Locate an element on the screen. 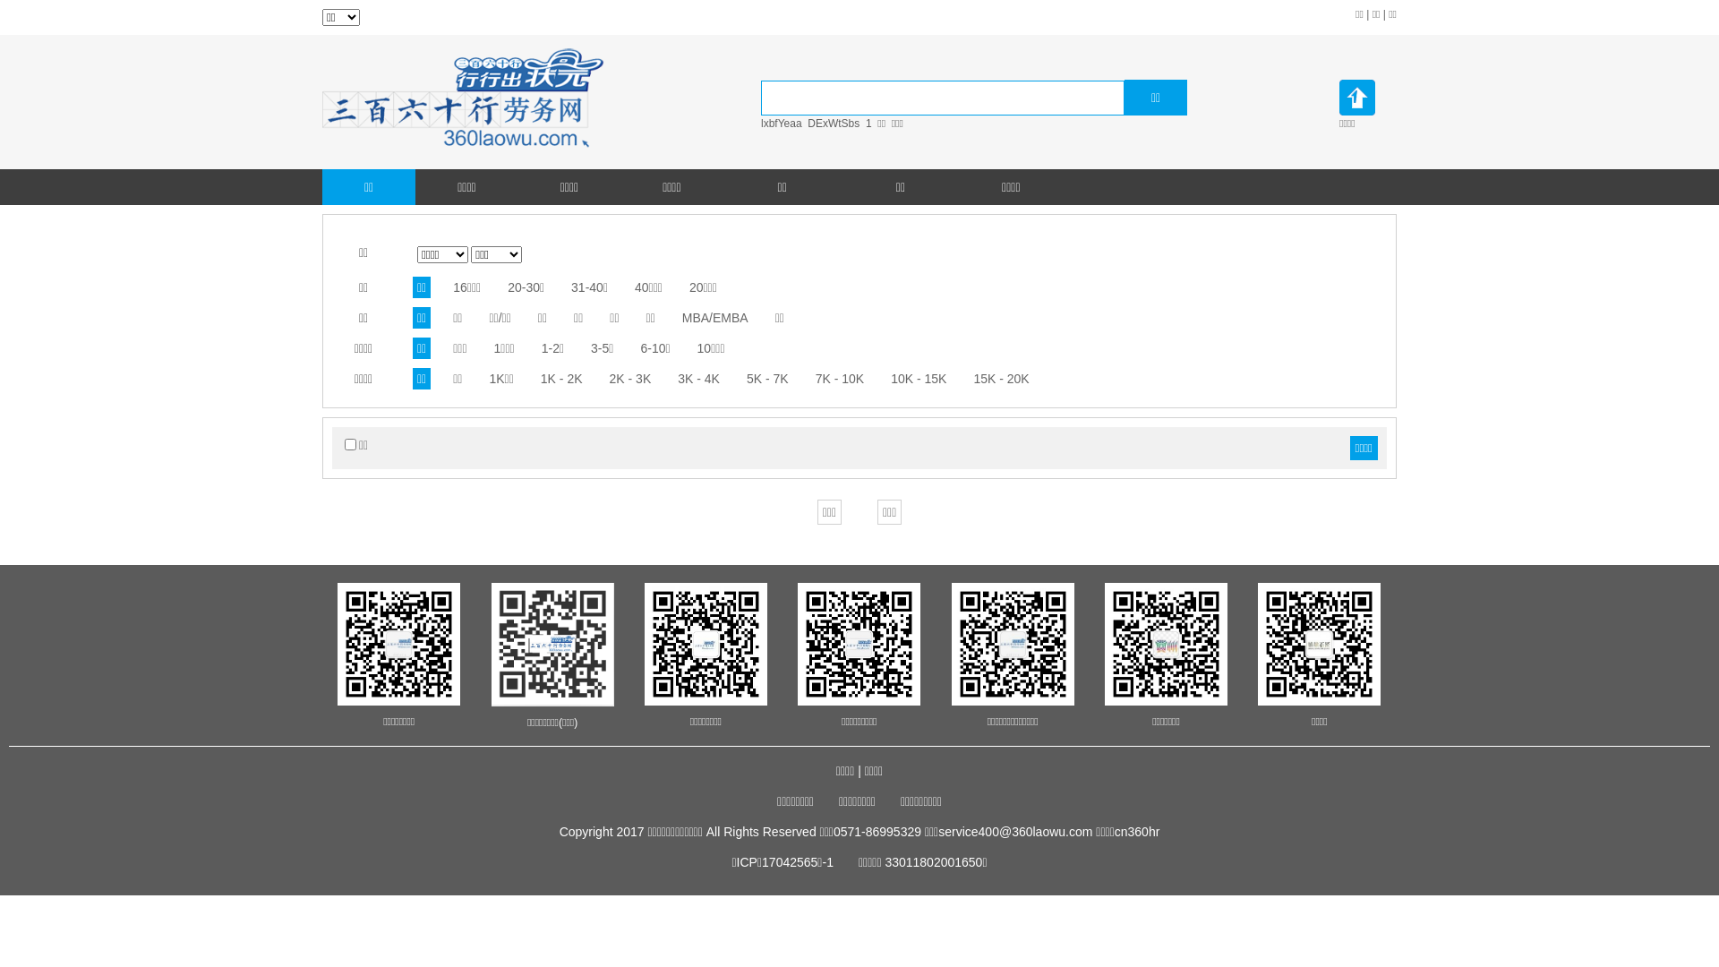 This screenshot has width=1719, height=967. 'MBA/EMBA' is located at coordinates (714, 316).